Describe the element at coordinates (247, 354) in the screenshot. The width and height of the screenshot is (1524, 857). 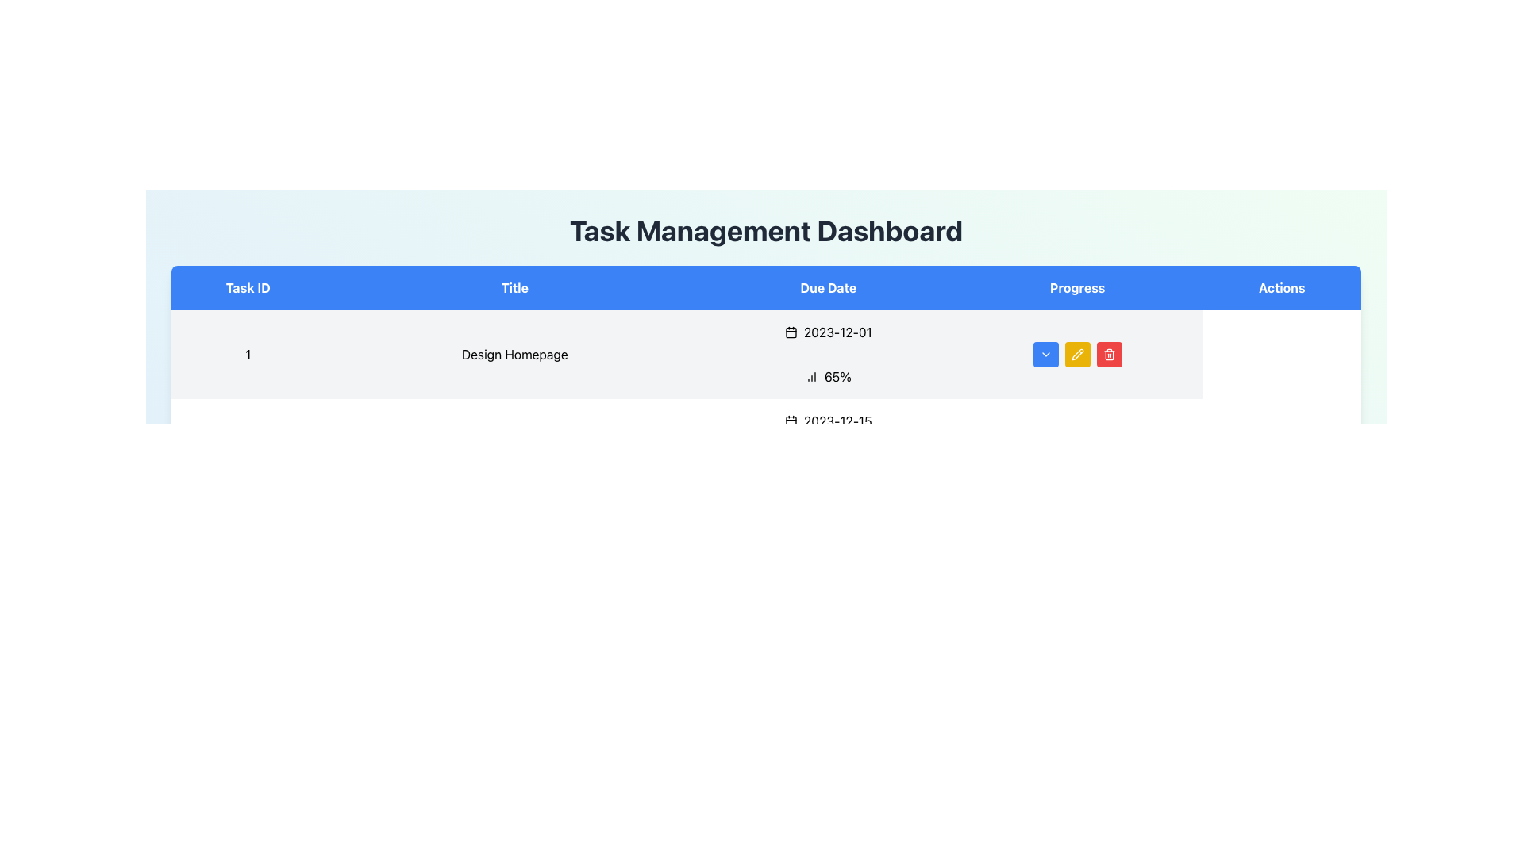
I see `the Text Label that uniquely identifies the corresponding task in the list, located as the leftmost item in the first row under the 'Task ID' column, adjacent to the 'Design Homepage' title` at that location.